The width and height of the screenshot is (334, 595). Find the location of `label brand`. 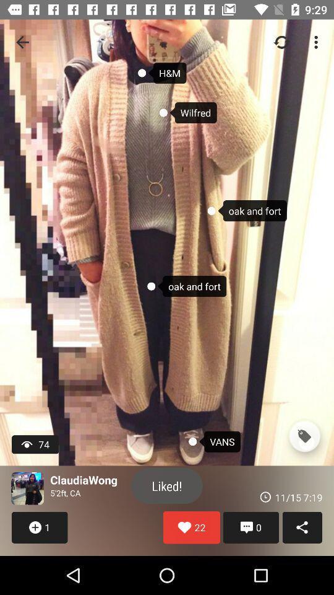

label brand is located at coordinates (304, 436).